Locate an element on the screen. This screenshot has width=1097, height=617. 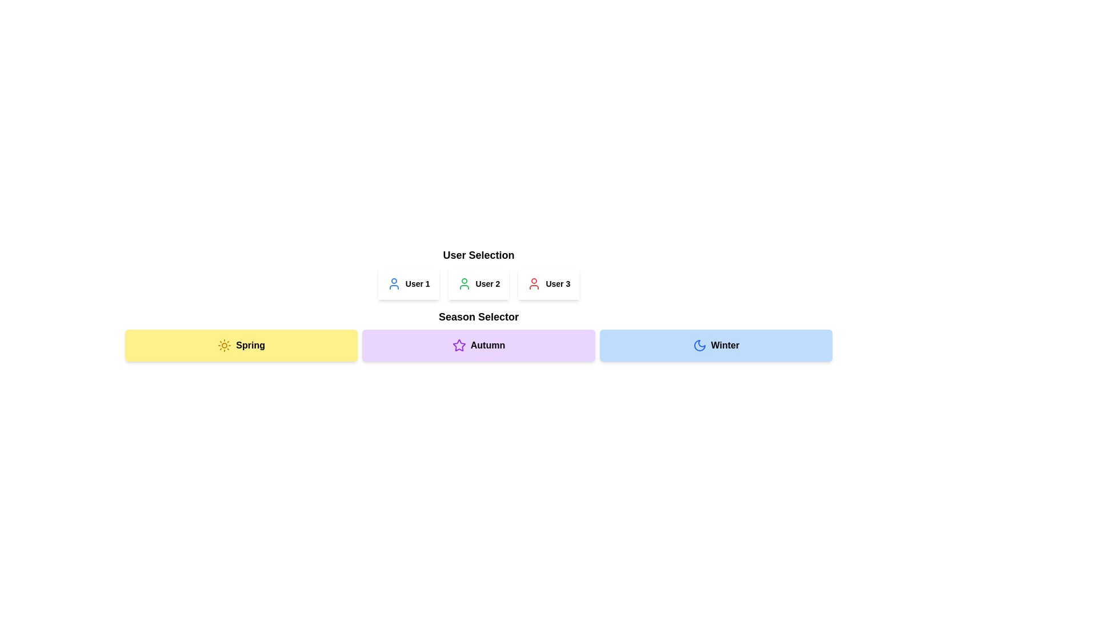
the 'Winter' text label, which is styled in bold and located at the rightmost section of the horizontally aligned 'Season Selector' bar is located at coordinates (724, 345).